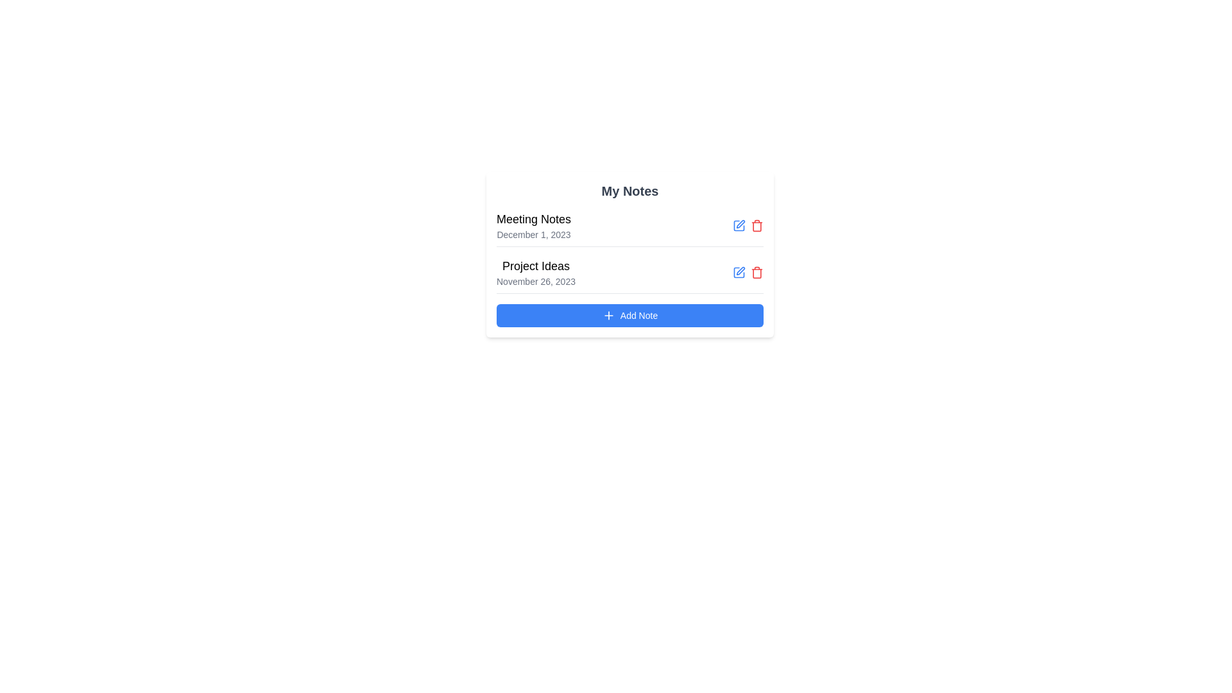  I want to click on the edit icon button located to the right of the 'Meeting Notes' entry in the 'My Notes' section, so click(739, 225).